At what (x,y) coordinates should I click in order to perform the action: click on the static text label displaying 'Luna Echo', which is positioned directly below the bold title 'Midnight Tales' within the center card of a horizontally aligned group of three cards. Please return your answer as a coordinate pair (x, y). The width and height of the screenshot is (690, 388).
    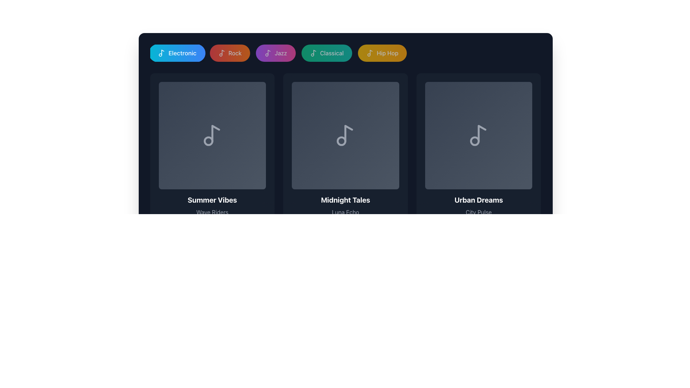
    Looking at the image, I should click on (345, 212).